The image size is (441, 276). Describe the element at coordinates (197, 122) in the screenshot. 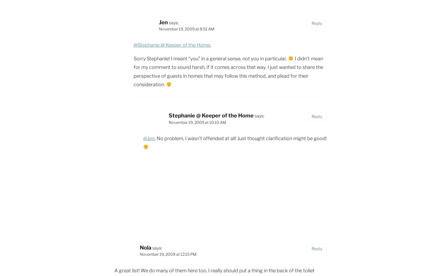

I see `'November 19, 2009 at 10:10 AM'` at that location.